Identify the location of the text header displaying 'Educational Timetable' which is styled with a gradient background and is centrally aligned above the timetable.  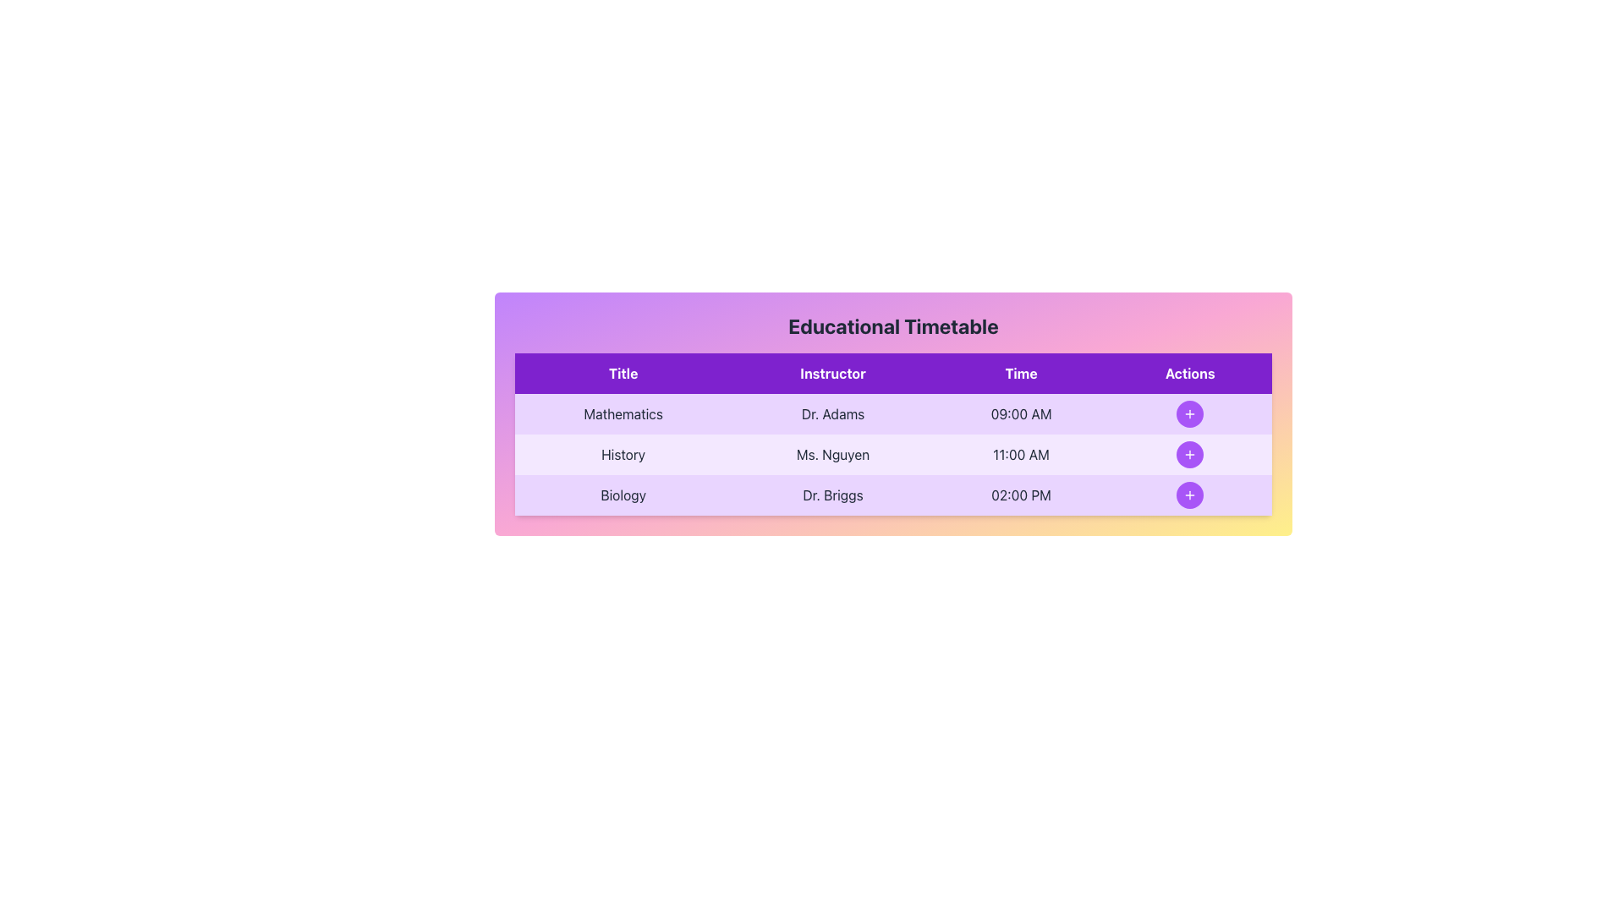
(892, 325).